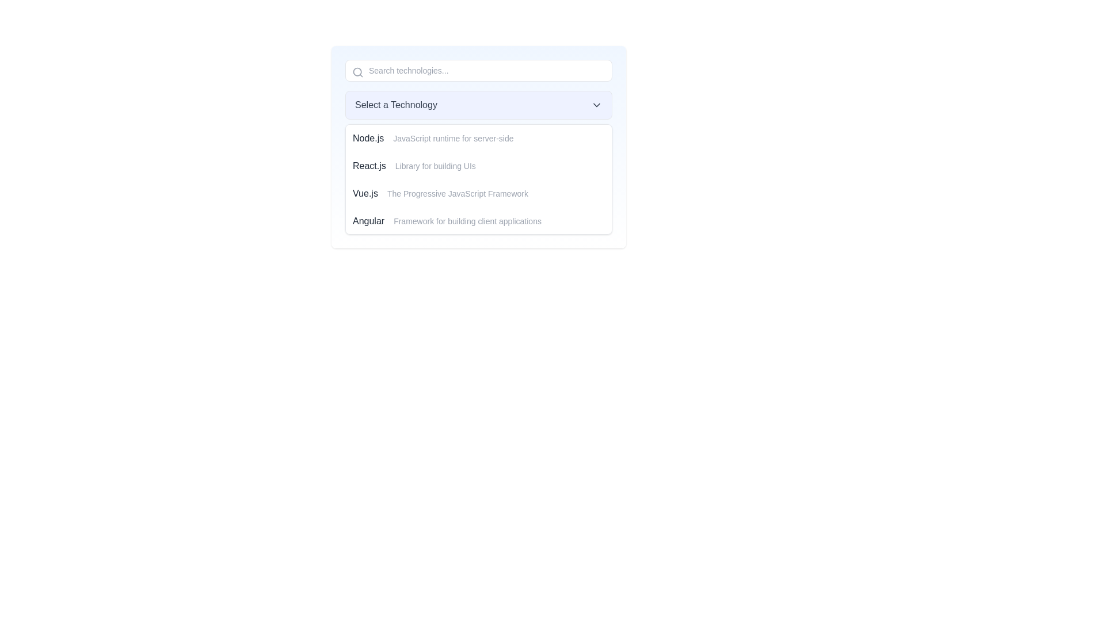 The height and width of the screenshot is (621, 1105). What do you see at coordinates (478, 105) in the screenshot?
I see `the dropdown menu trigger located beneath the search bar within the rectangular card by` at bounding box center [478, 105].